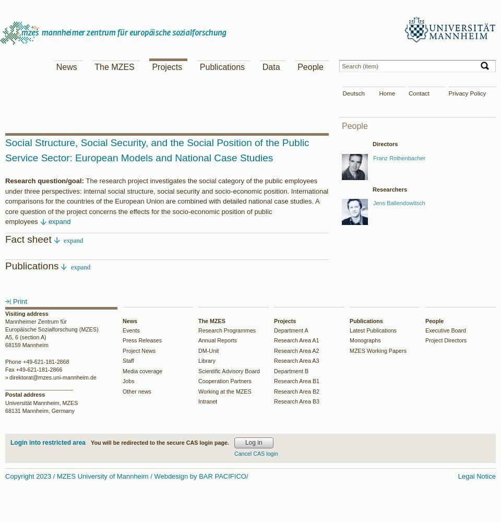 This screenshot has height=522, width=501. What do you see at coordinates (114, 67) in the screenshot?
I see `'The MZES'` at bounding box center [114, 67].